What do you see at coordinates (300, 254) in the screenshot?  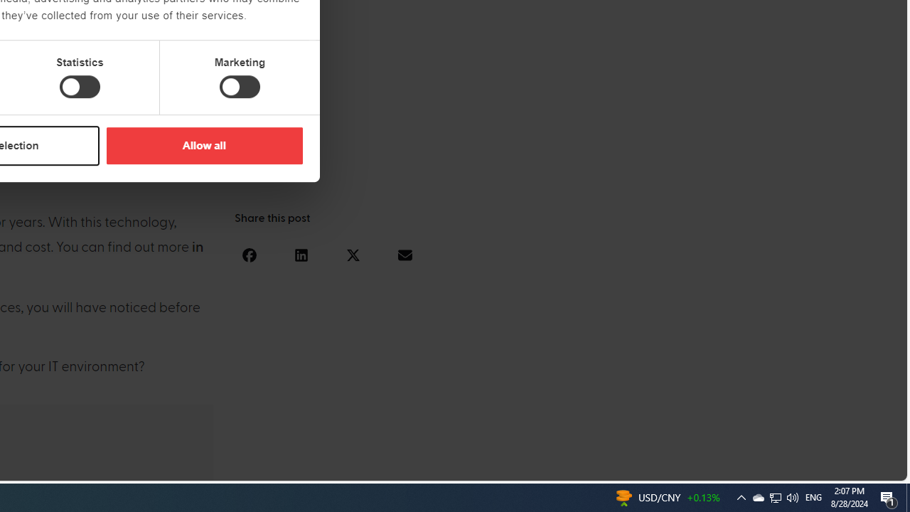 I see `'Share on linkedin'` at bounding box center [300, 254].